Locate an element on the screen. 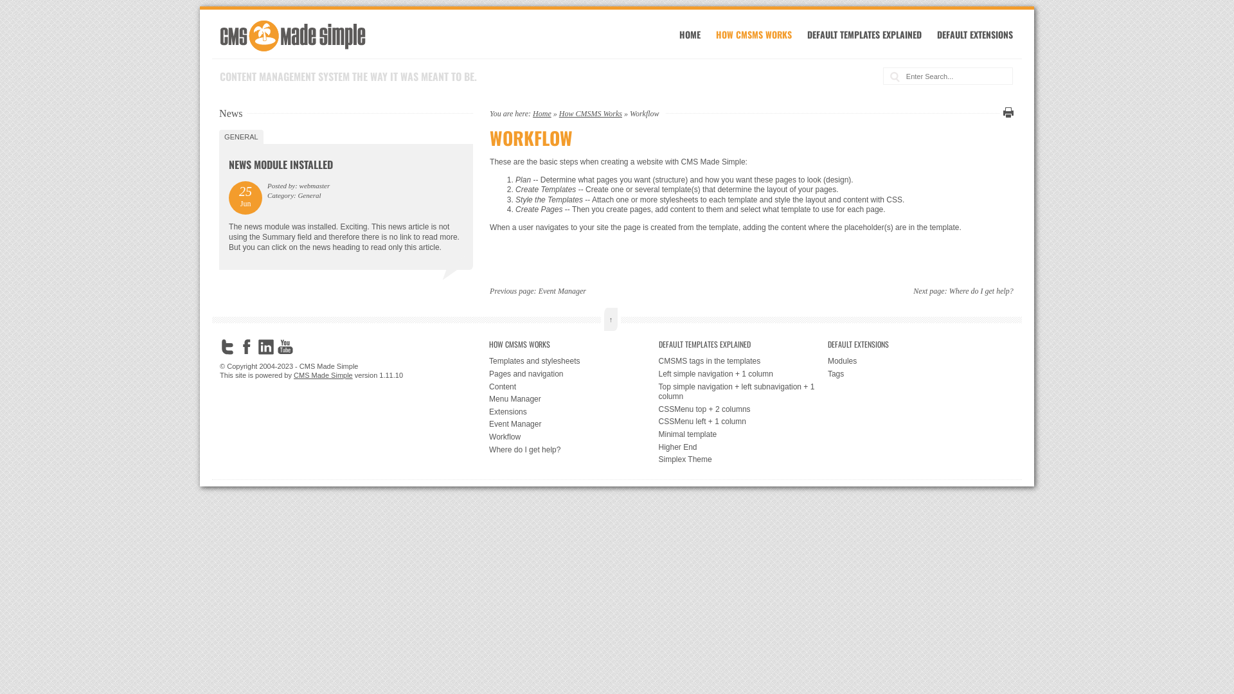 This screenshot has height=694, width=1234. 'CSSMenu top + 2 columns' is located at coordinates (742, 409).